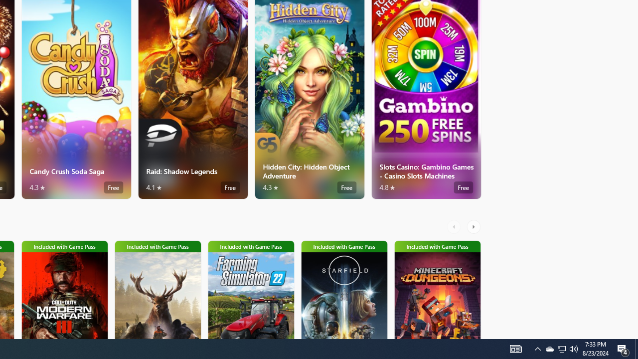  I want to click on 'AutomationID: LeftScrollButton', so click(455, 227).